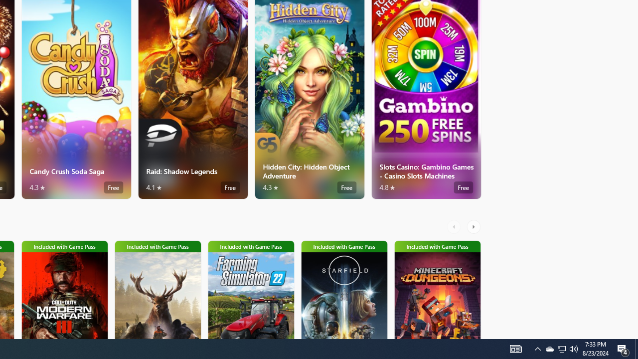  I want to click on 'AutomationID: LeftScrollButton', so click(455, 227).